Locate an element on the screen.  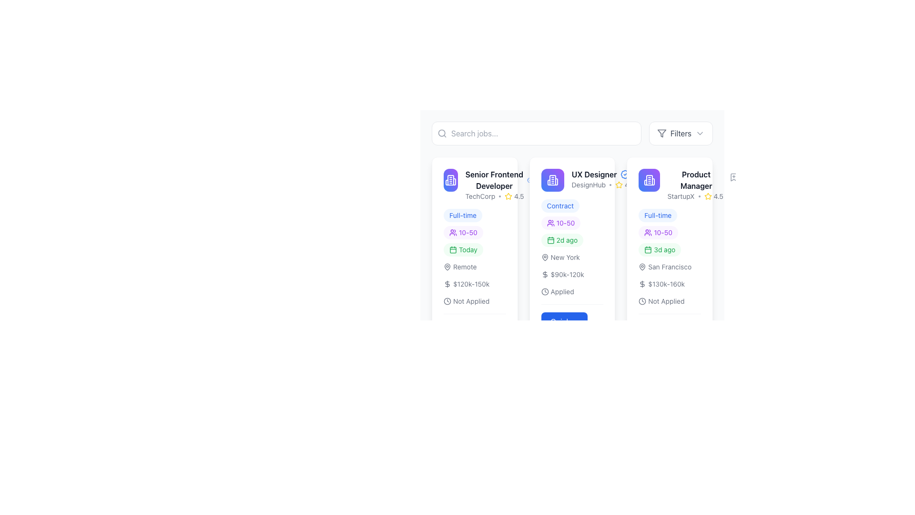
text content of the job posting summary located in the first column of the job postings layout, positioned below the building icon is located at coordinates (498, 185).